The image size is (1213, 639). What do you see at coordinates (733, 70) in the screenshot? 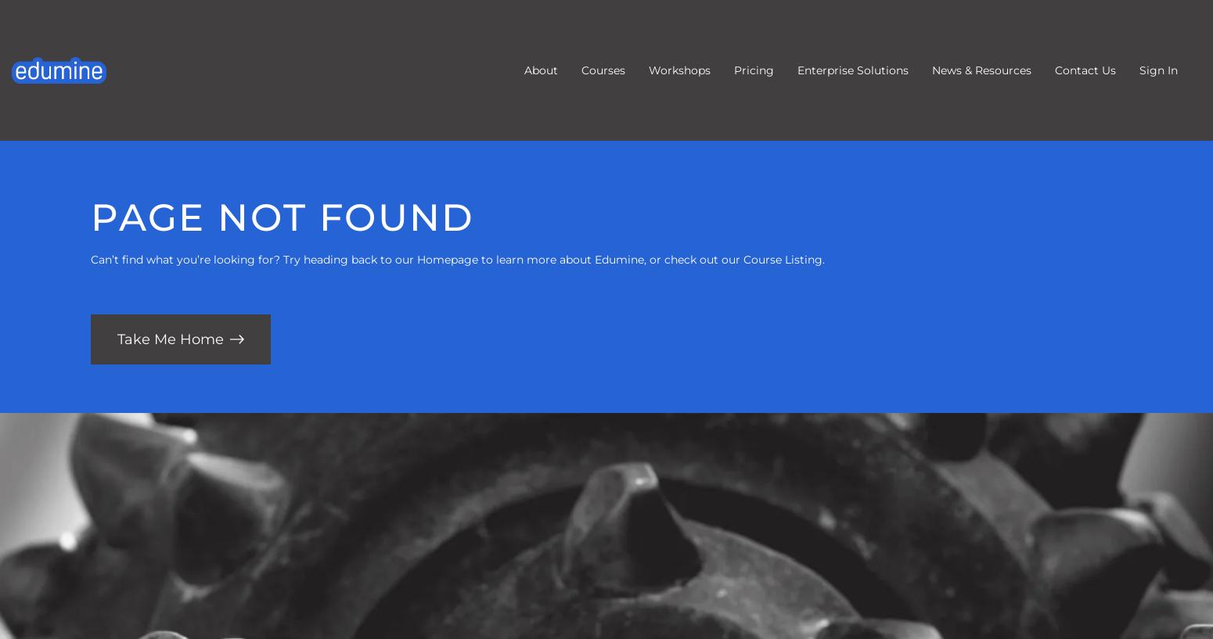
I see `'Pricing'` at bounding box center [733, 70].